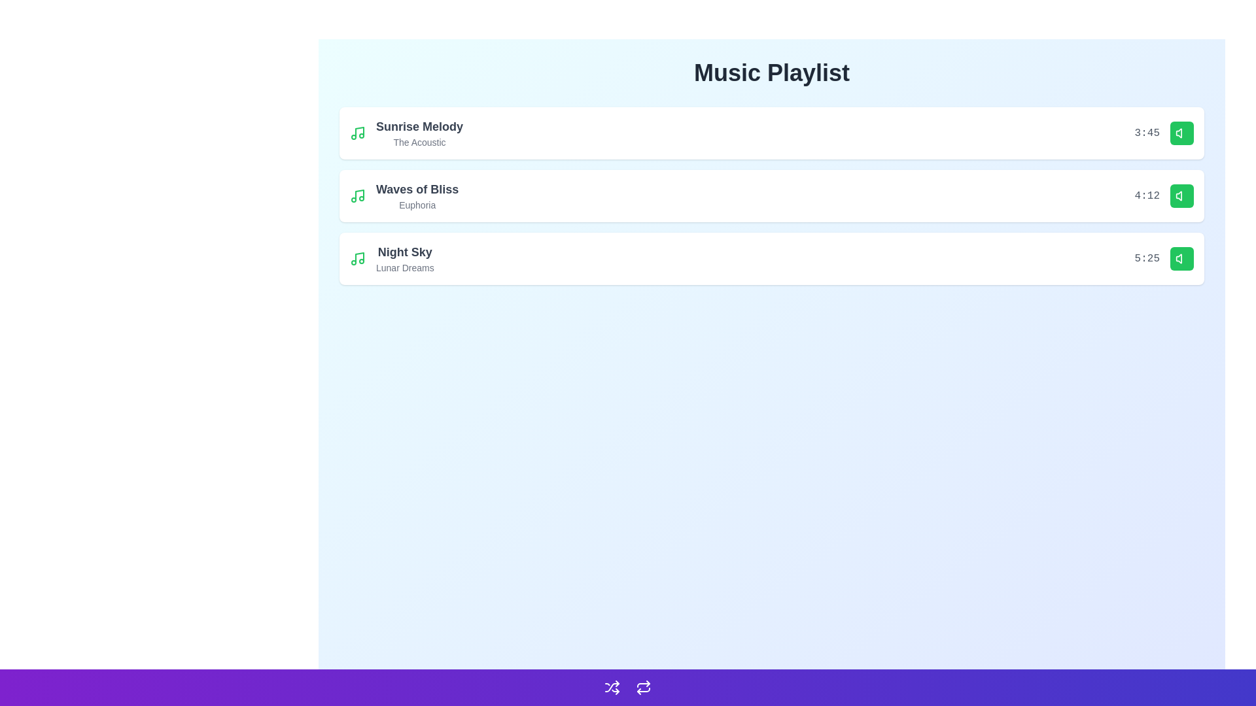 This screenshot has width=1256, height=706. What do you see at coordinates (360, 132) in the screenshot?
I see `the decorative part of the music note icon that precedes the first list item titled 'Sunrise Melody' in the playlist` at bounding box center [360, 132].